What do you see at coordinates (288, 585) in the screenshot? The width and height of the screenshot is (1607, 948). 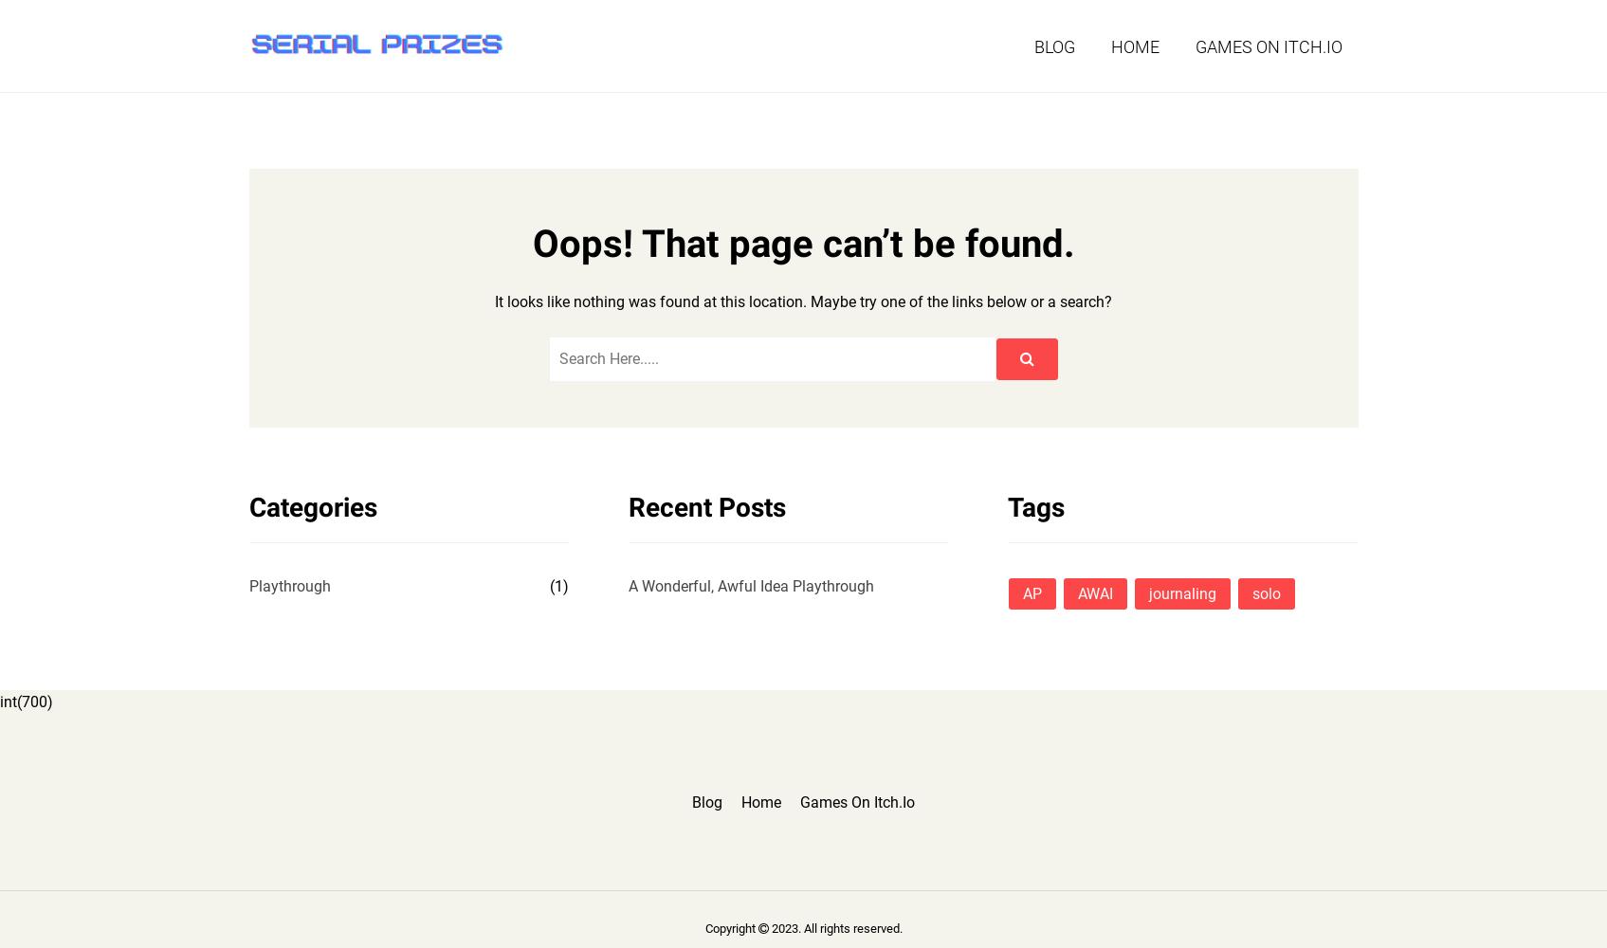 I see `'Playthrough'` at bounding box center [288, 585].